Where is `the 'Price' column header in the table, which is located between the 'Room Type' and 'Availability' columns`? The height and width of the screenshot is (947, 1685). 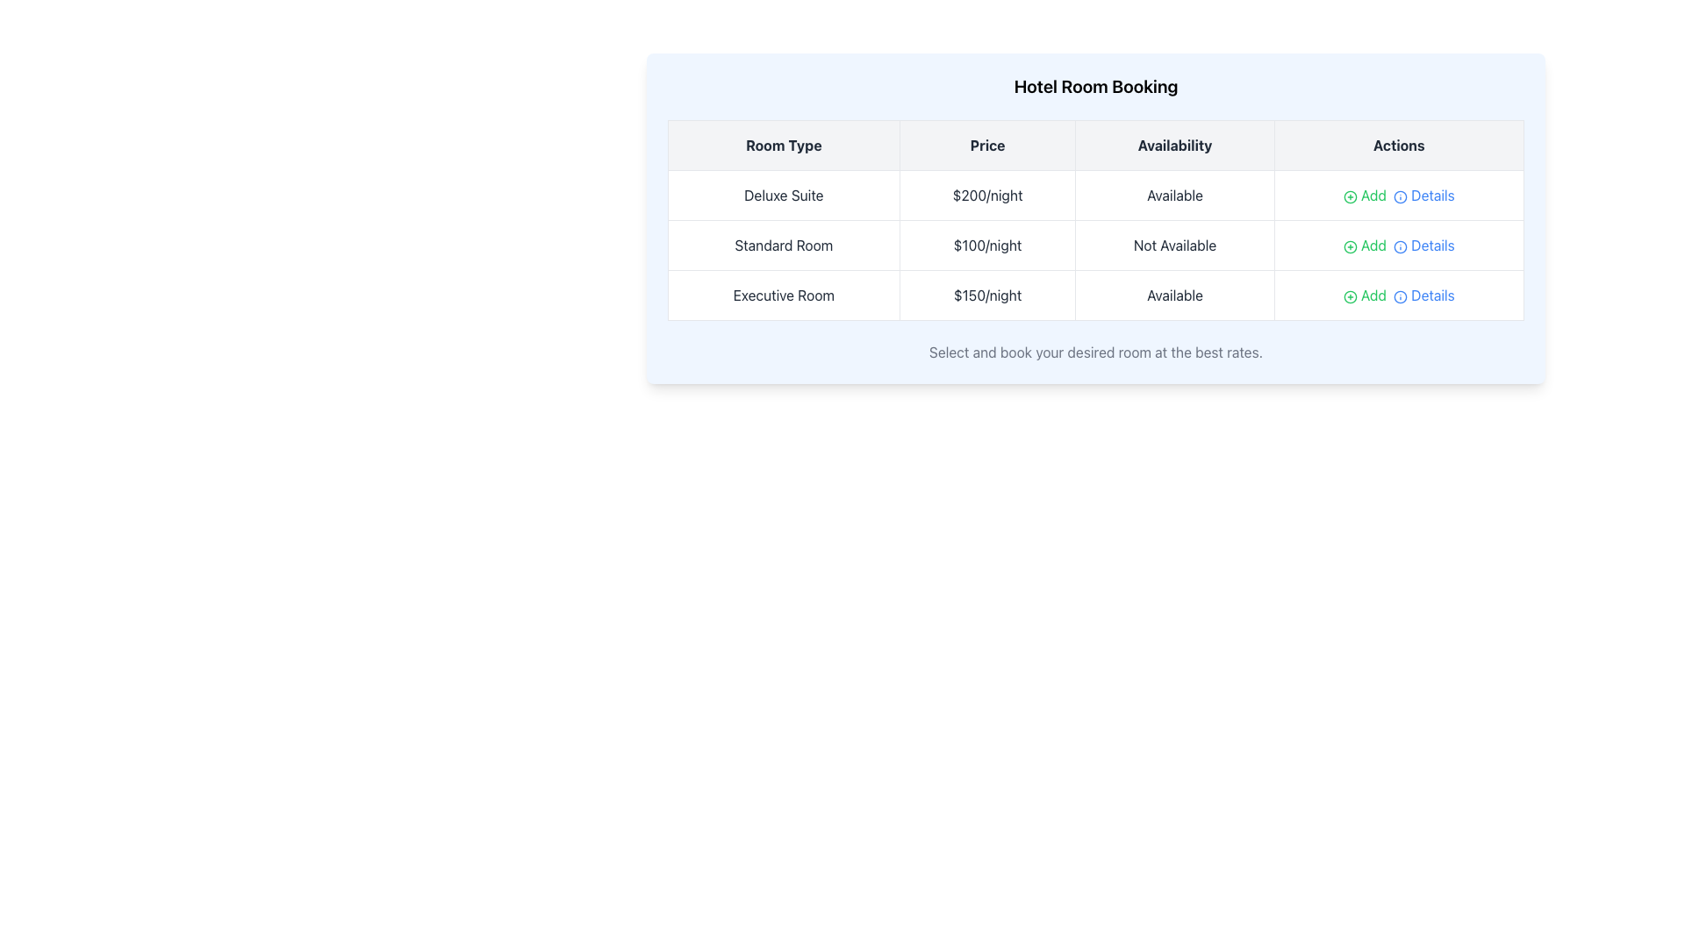
the 'Price' column header in the table, which is located between the 'Room Type' and 'Availability' columns is located at coordinates (987, 144).